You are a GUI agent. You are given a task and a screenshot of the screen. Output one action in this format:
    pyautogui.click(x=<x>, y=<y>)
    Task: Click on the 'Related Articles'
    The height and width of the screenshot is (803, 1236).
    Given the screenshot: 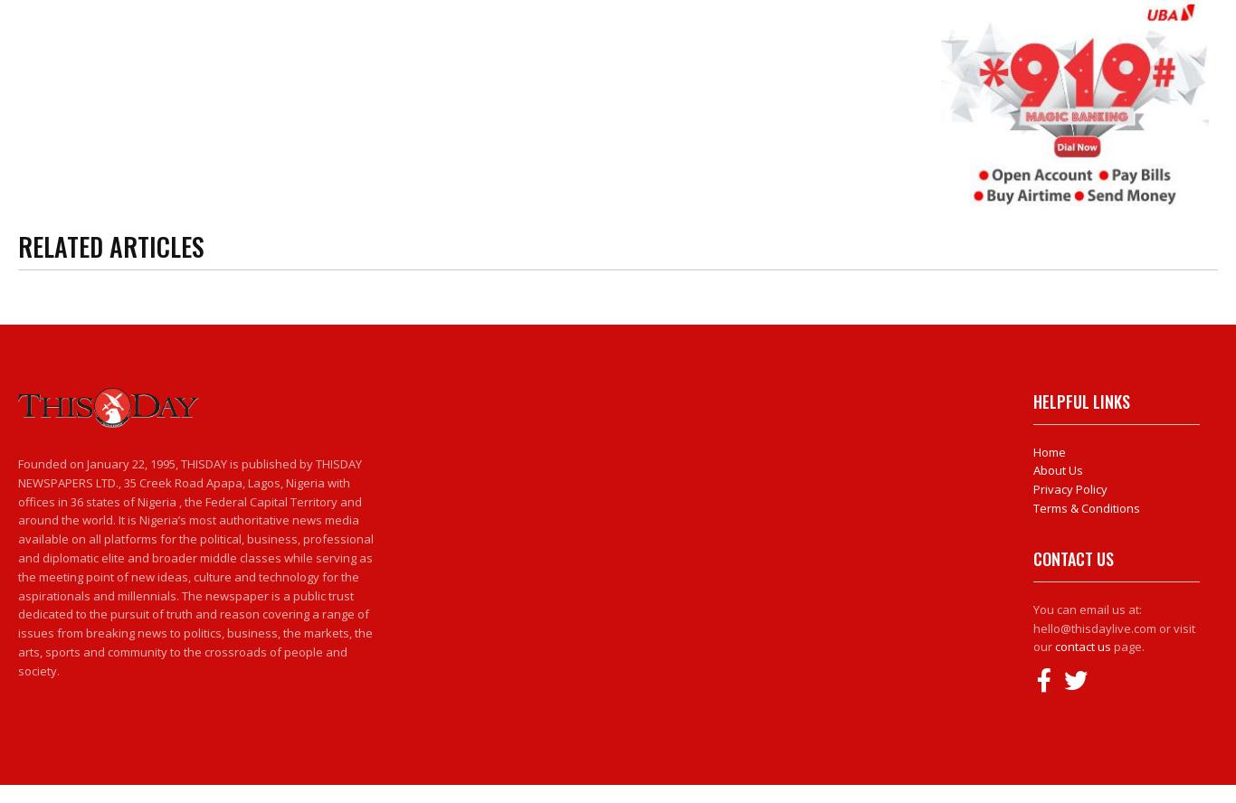 What is the action you would take?
    pyautogui.click(x=109, y=245)
    